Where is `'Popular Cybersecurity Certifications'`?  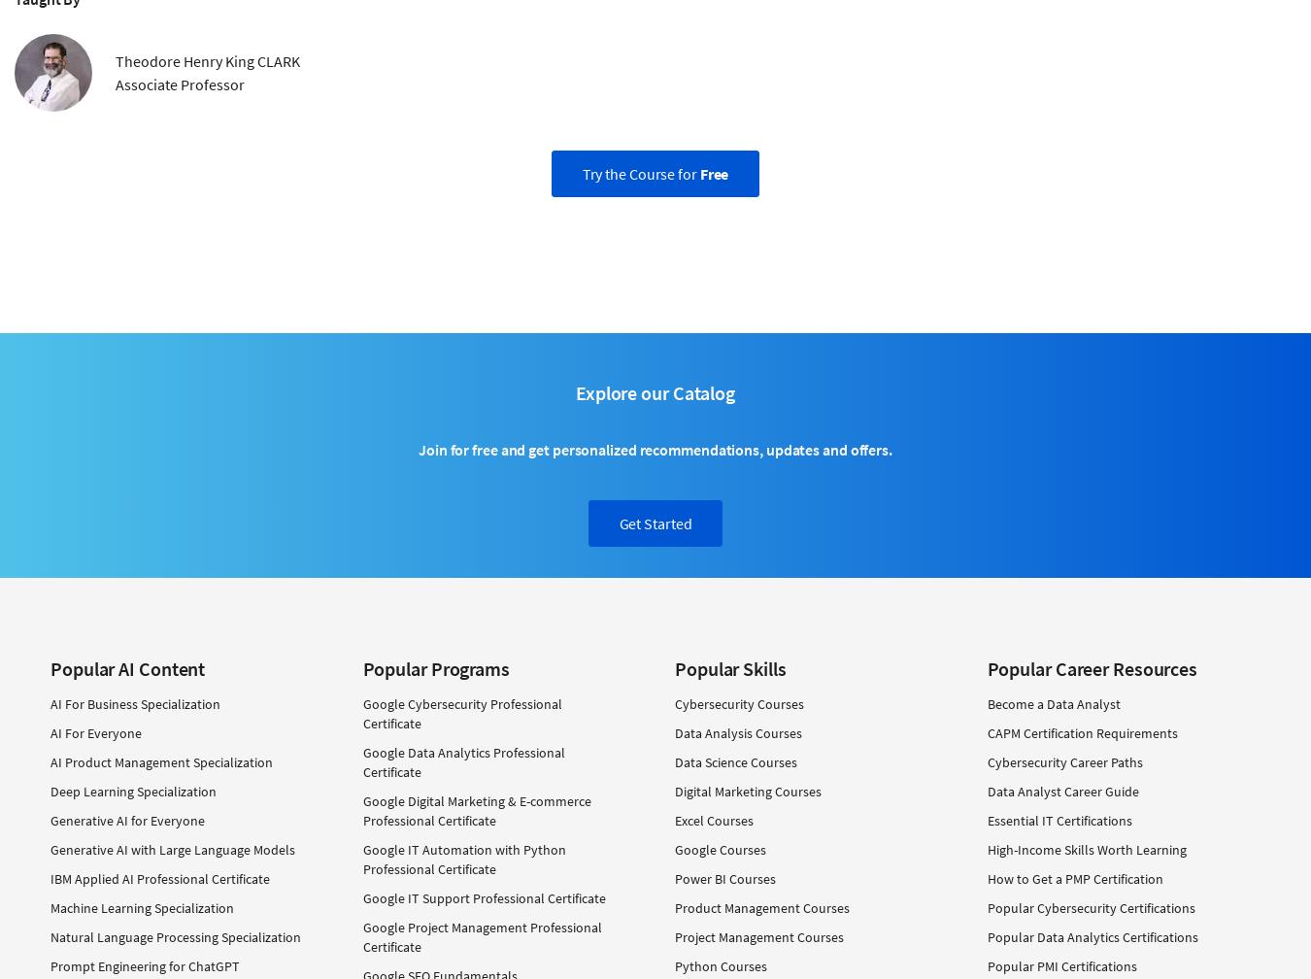
'Popular Cybersecurity Certifications' is located at coordinates (1091, 907).